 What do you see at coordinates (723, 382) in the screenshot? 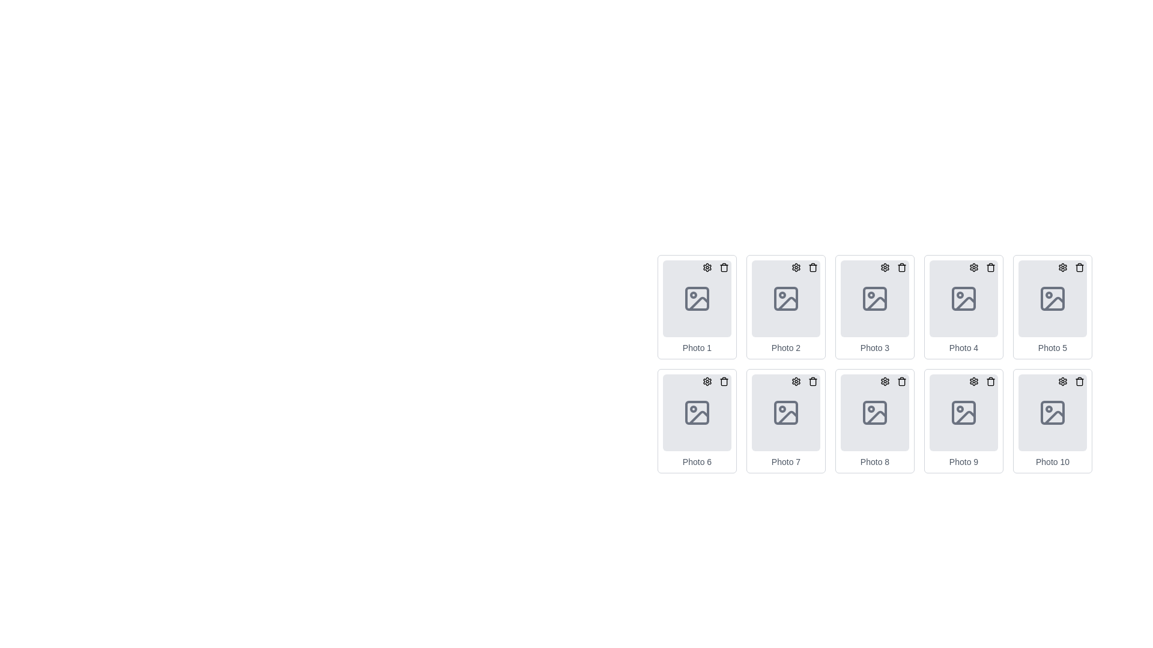
I see `the small rounded button with a trash can icon located in the top-right corner of the 'Photo 6' card` at bounding box center [723, 382].